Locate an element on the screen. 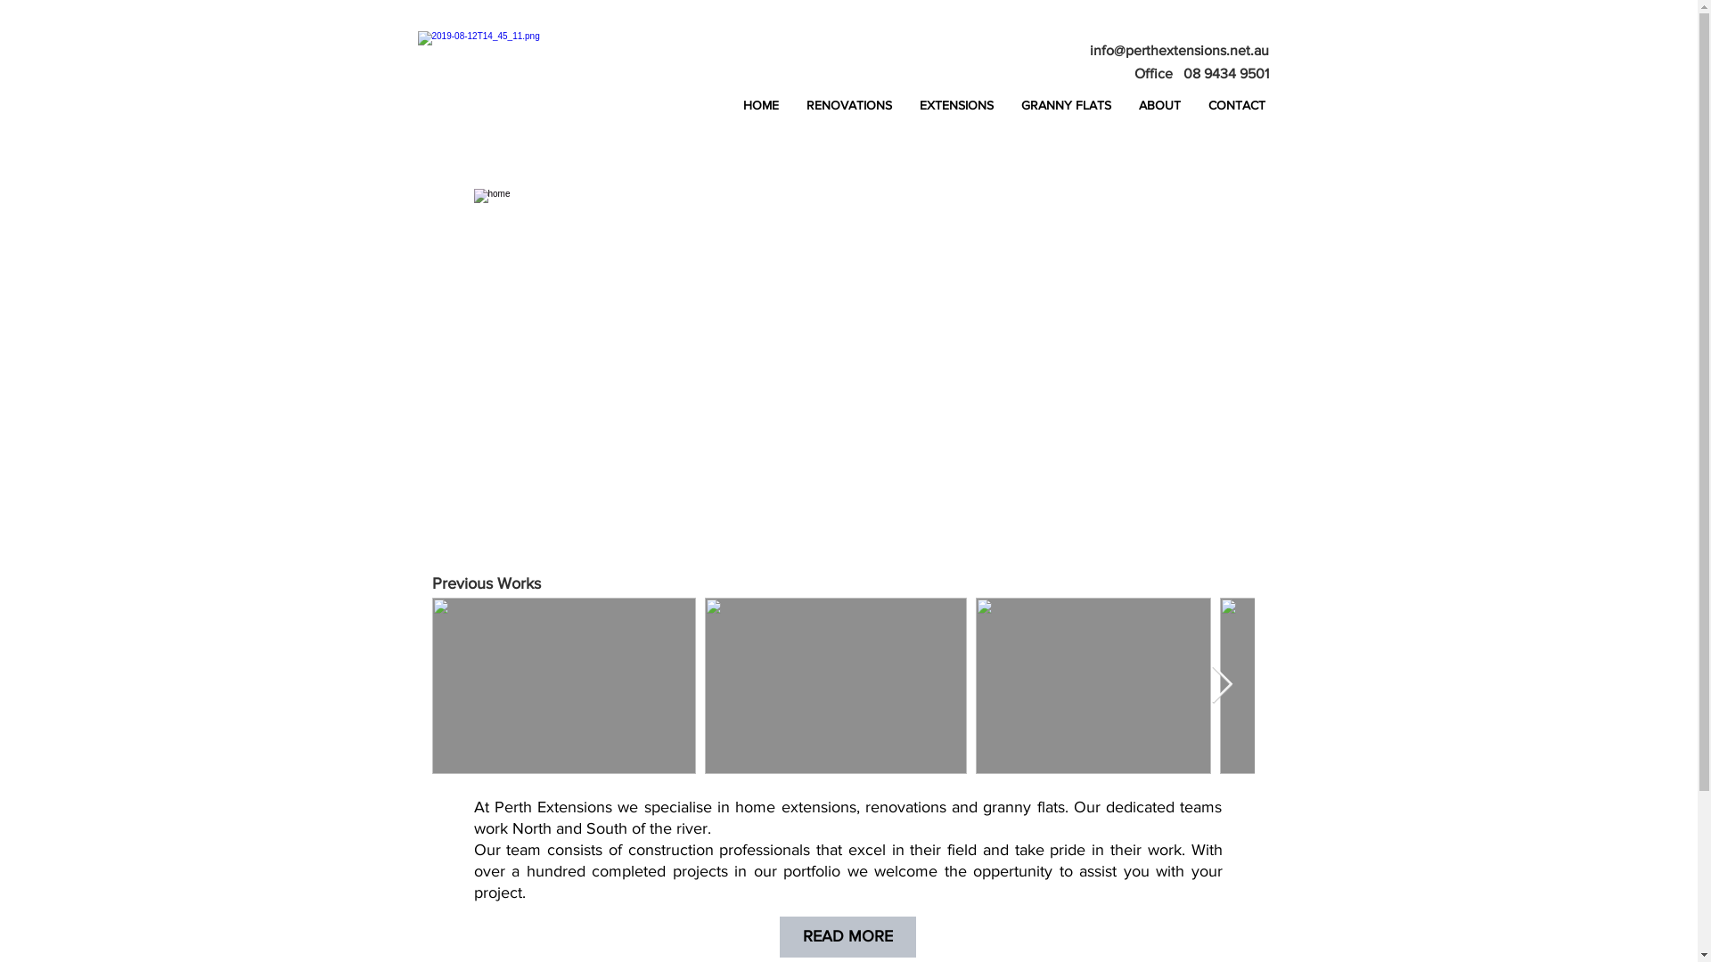 Image resolution: width=1711 pixels, height=962 pixels. 'CONTACT' is located at coordinates (1235, 105).